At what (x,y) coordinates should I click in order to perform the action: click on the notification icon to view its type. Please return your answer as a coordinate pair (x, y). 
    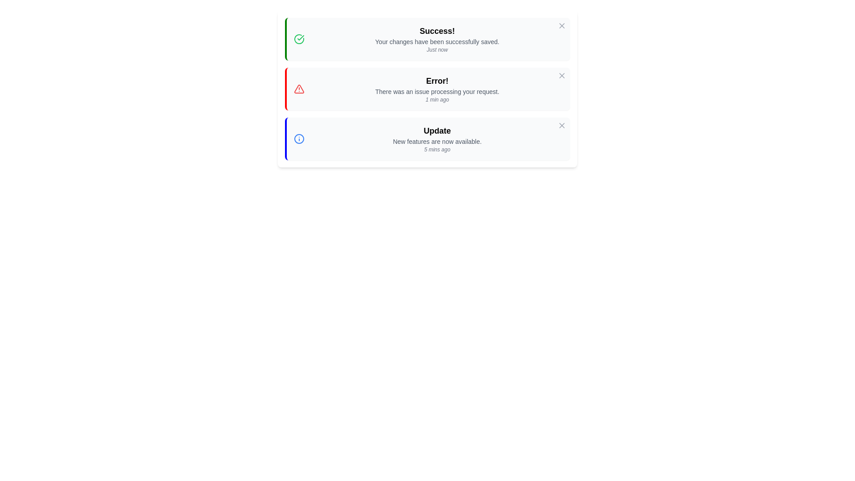
    Looking at the image, I should click on (299, 39).